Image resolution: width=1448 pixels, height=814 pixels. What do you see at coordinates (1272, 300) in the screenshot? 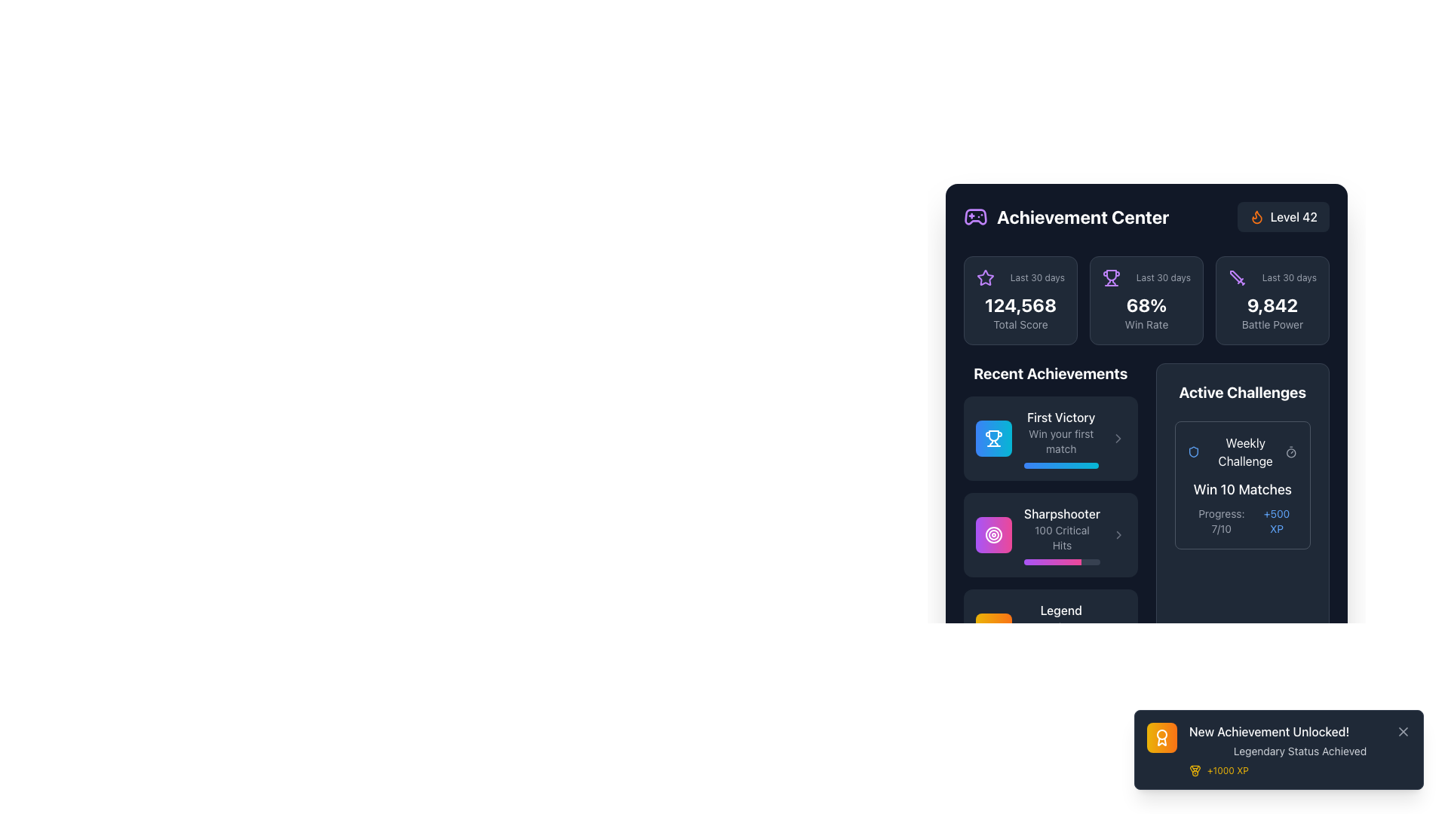
I see `the Informative card displaying 'Last 30 days' and 'Battle Power' with a dark gray background and light purple sword icon, located in the Achievement Center section` at bounding box center [1272, 300].